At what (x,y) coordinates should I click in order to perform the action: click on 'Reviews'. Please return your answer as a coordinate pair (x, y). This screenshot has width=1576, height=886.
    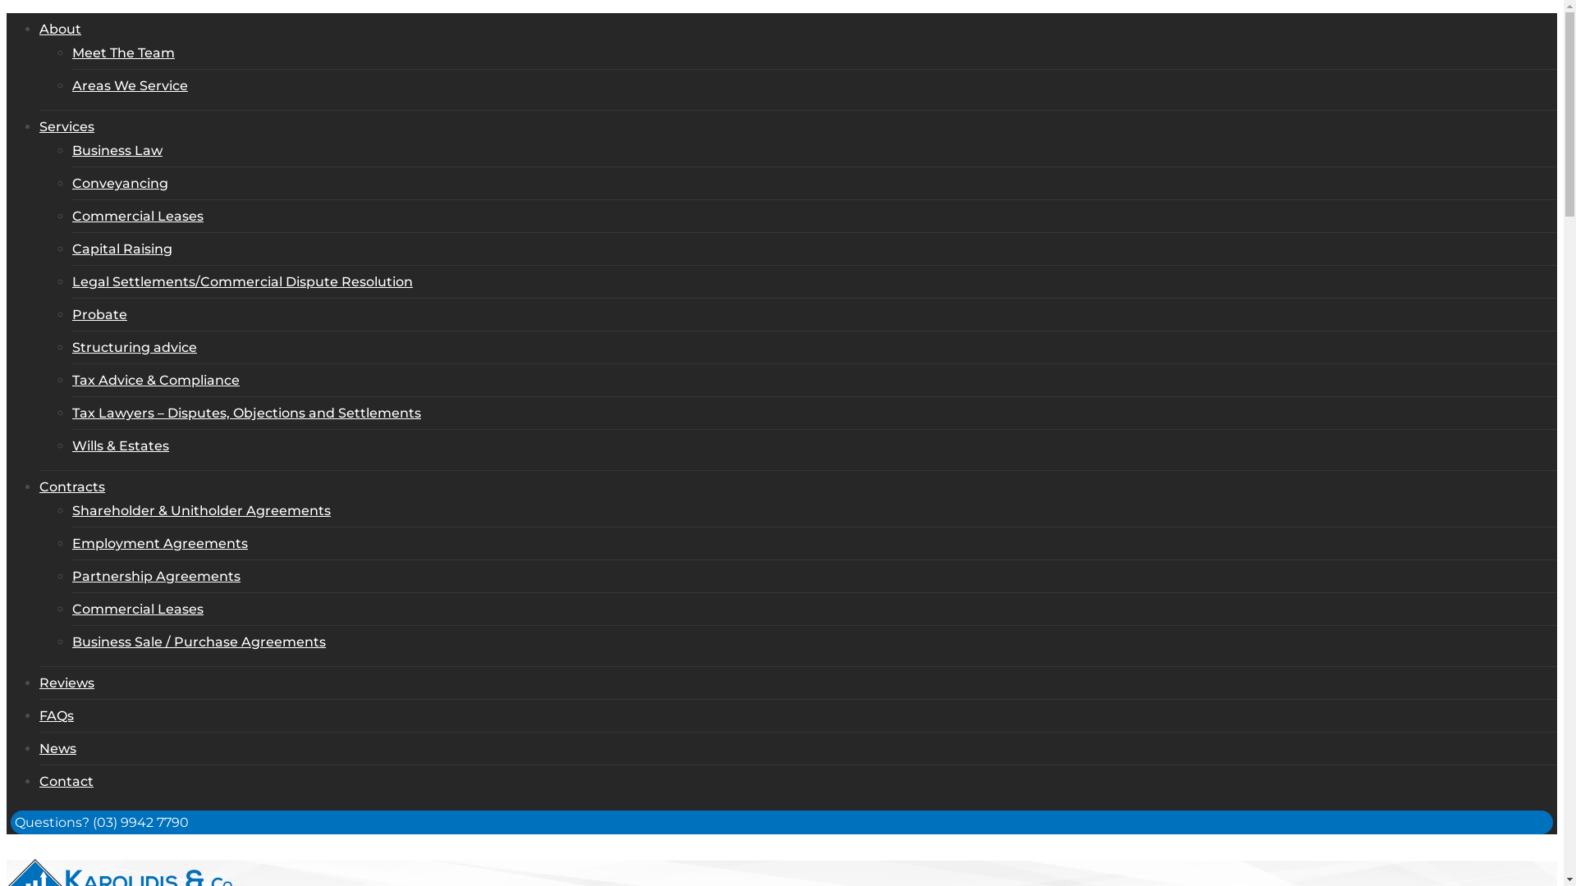
    Looking at the image, I should click on (39, 683).